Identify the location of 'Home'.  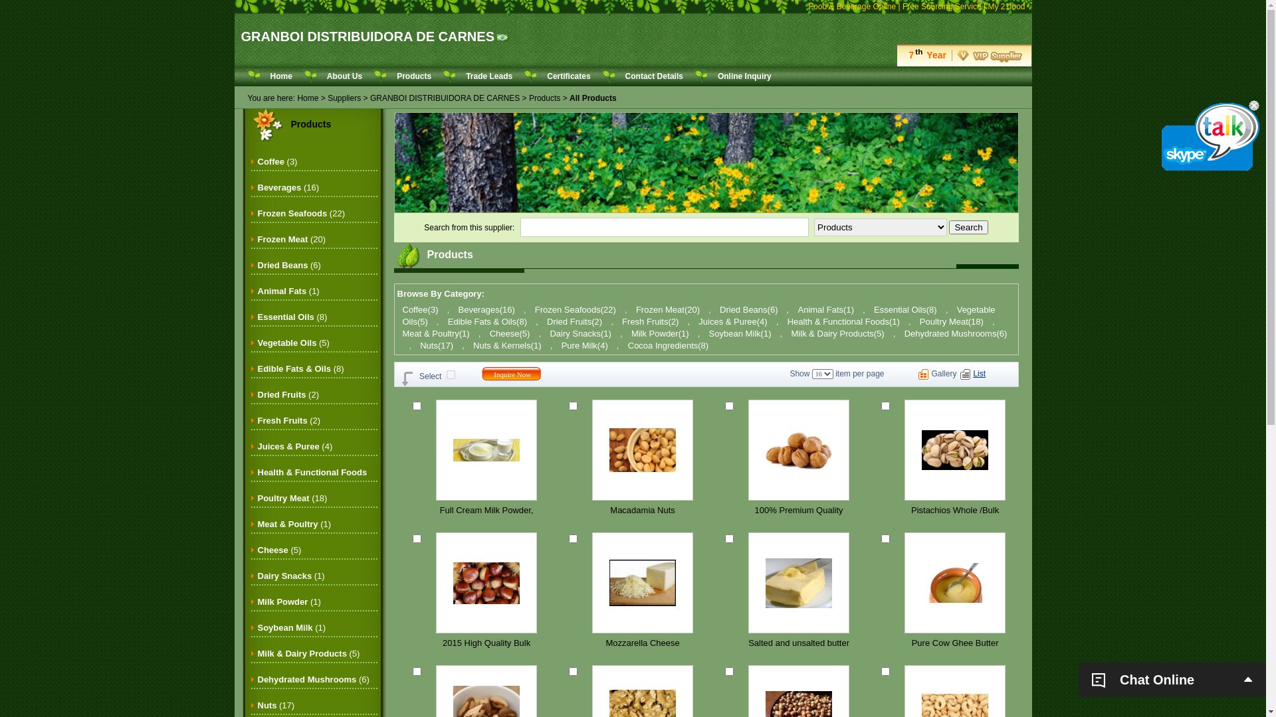
(296, 97).